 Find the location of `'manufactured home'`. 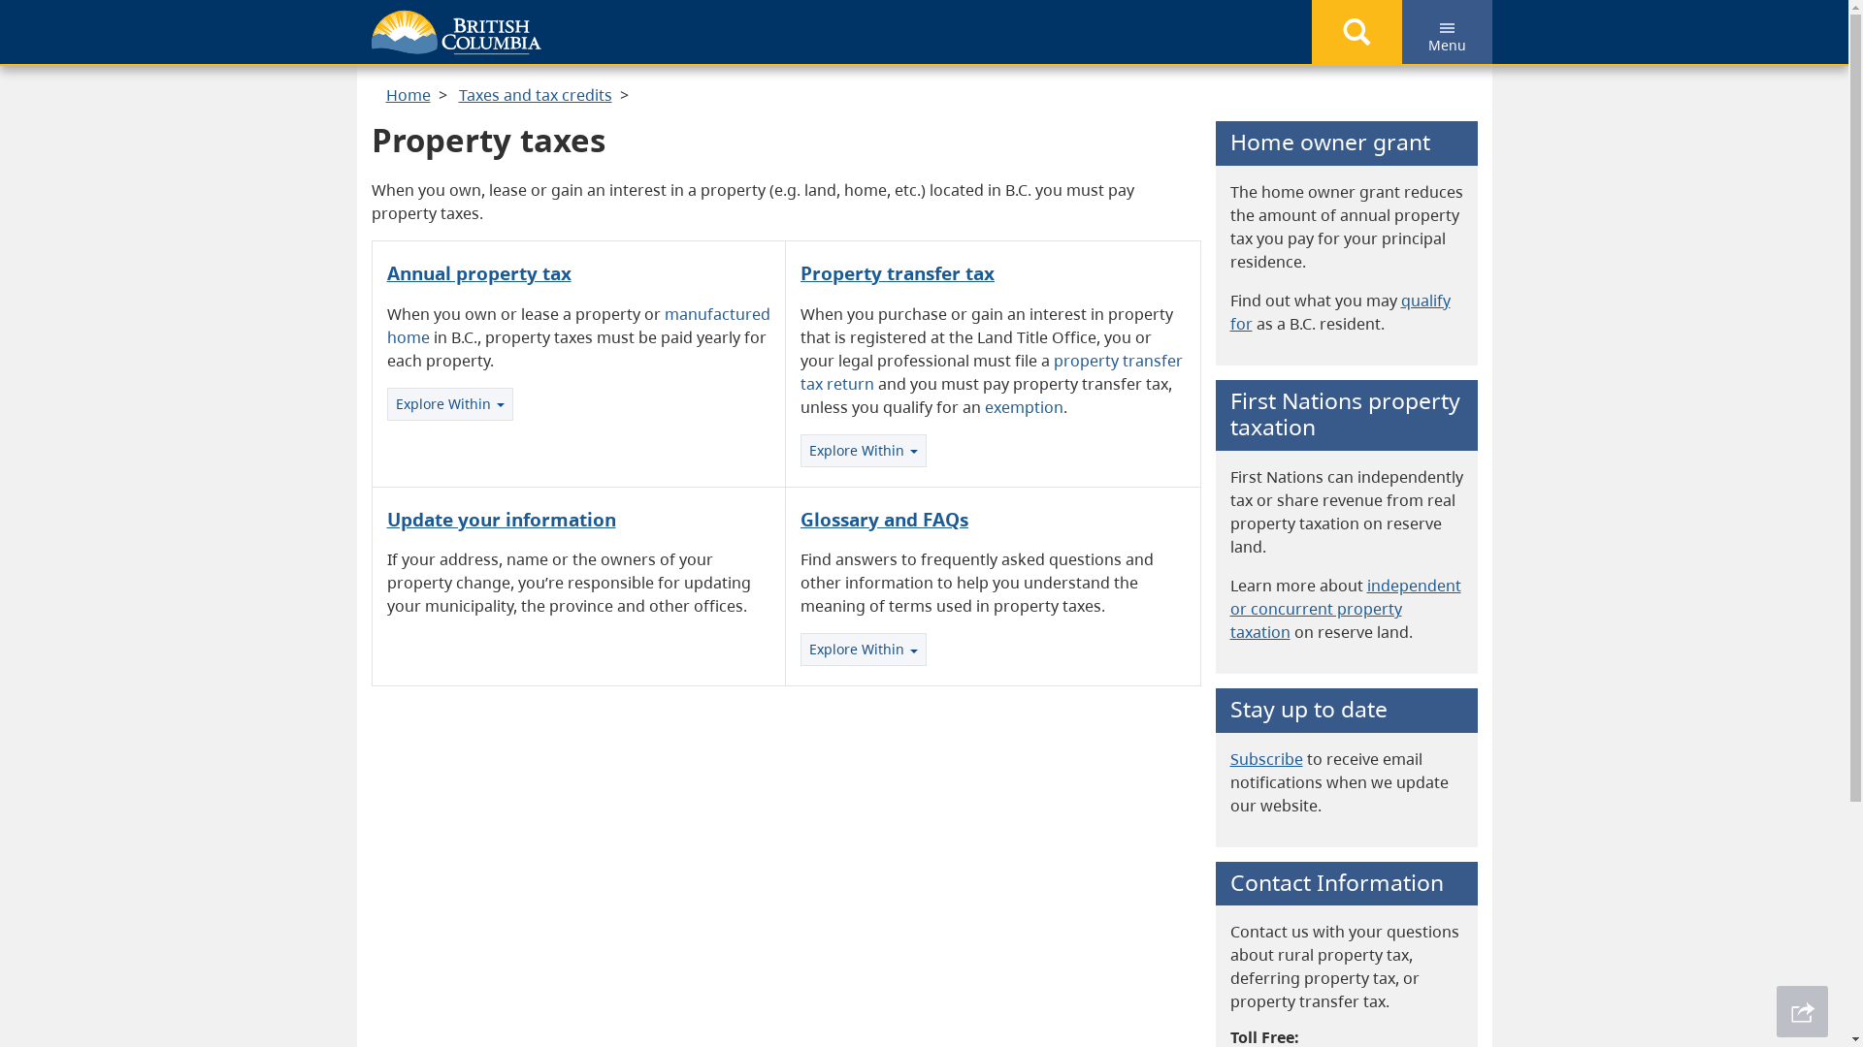

'manufactured home' is located at coordinates (576, 324).